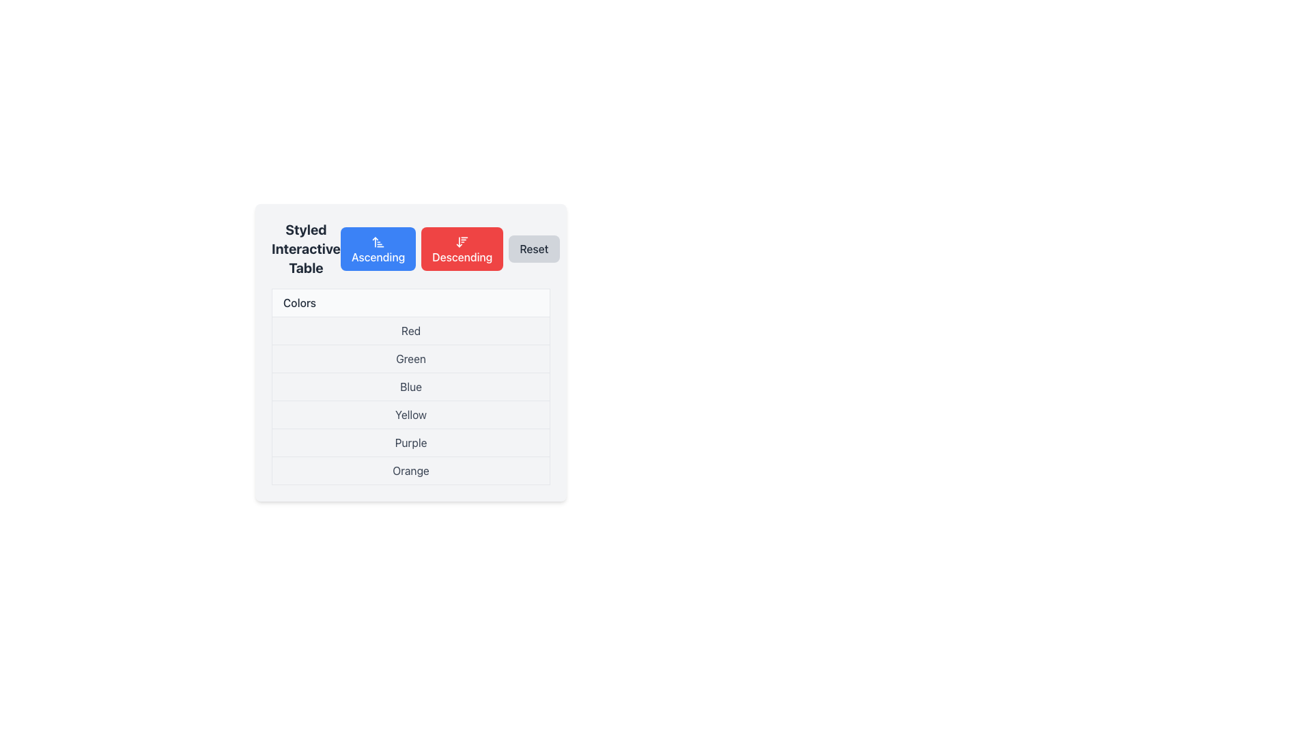 The image size is (1311, 737). I want to click on the fifth item in the list of color options, which is 'Purple', located between 'Yellow' and 'Orange', so click(410, 442).